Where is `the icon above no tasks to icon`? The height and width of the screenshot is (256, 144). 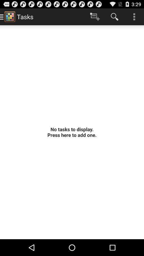
the icon above no tasks to icon is located at coordinates (134, 17).